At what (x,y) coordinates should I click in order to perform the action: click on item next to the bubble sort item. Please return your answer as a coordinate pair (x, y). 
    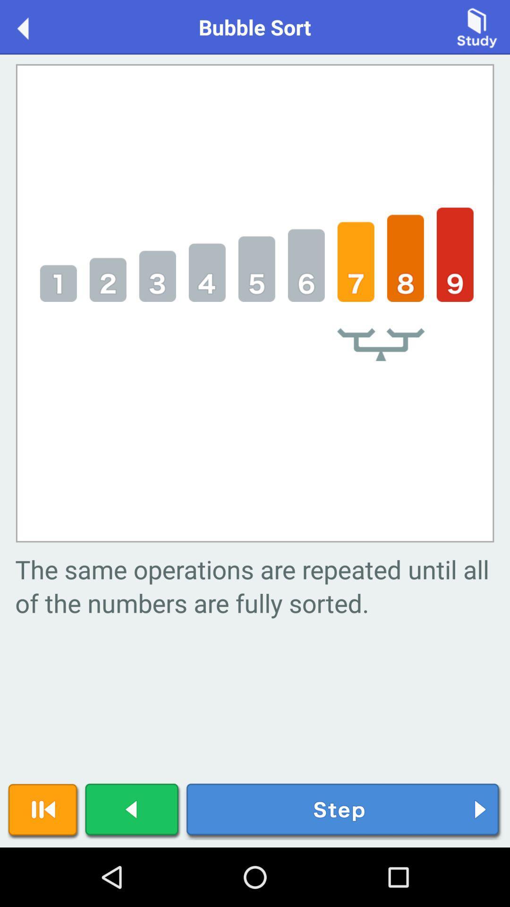
    Looking at the image, I should click on (477, 26).